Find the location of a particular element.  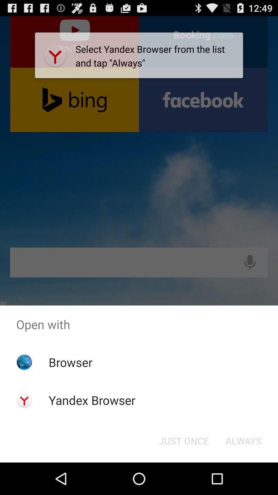

item below the open with icon is located at coordinates (243, 440).